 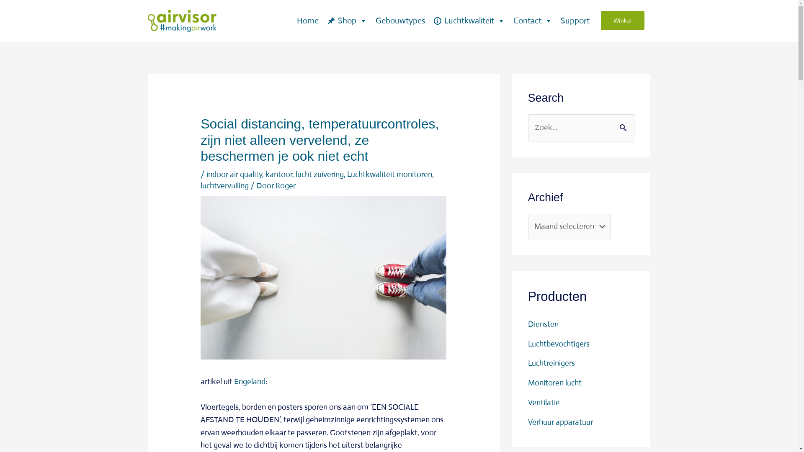 I want to click on 'luchtvervuiling', so click(x=224, y=185).